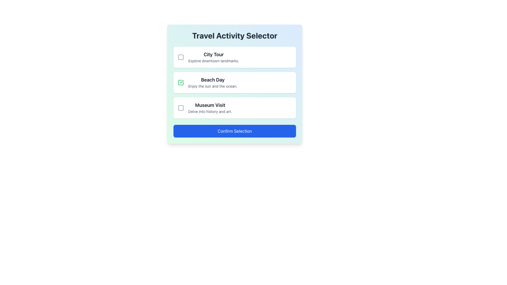 This screenshot has width=507, height=285. What do you see at coordinates (213, 86) in the screenshot?
I see `the descriptive caption element for the 'Beach Day' option, which is positioned below the 'Beach Day' text in the 'Travel Activity Selector' list` at bounding box center [213, 86].